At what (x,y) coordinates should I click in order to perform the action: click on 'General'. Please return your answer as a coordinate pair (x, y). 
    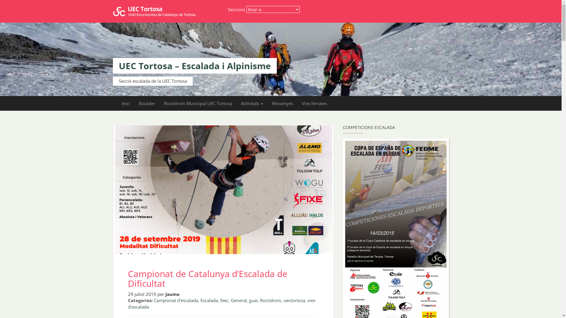
    Looking at the image, I should click on (230, 300).